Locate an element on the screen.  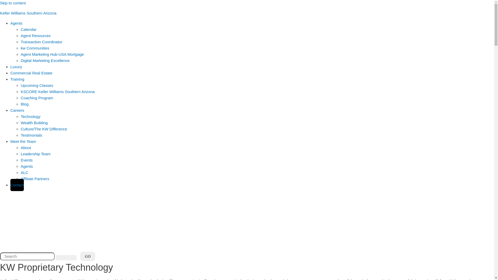
'Technology' is located at coordinates (21, 116).